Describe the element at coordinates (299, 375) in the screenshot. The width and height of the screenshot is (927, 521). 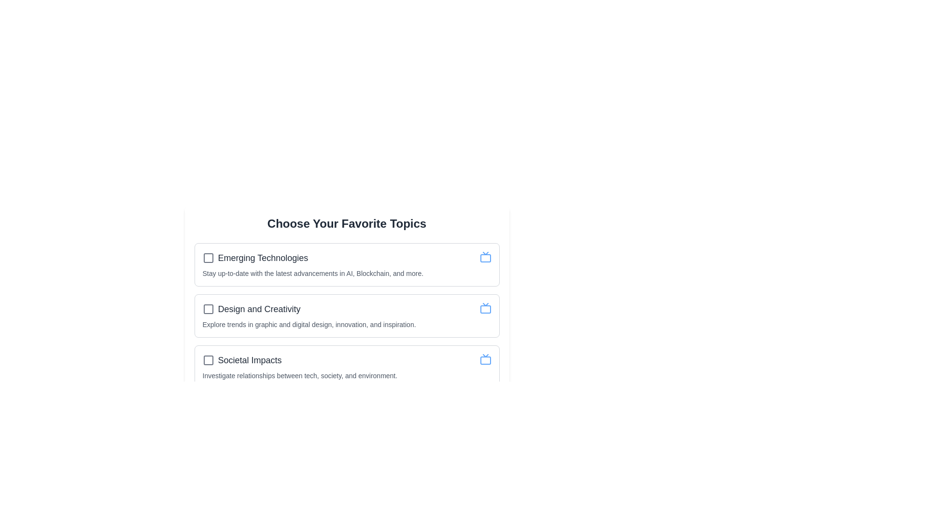
I see `the text element that reads 'Investigate relationships between tech, society, and environment.' which is styled in light gray and is located within the 'Societal Impacts' topic list` at that location.